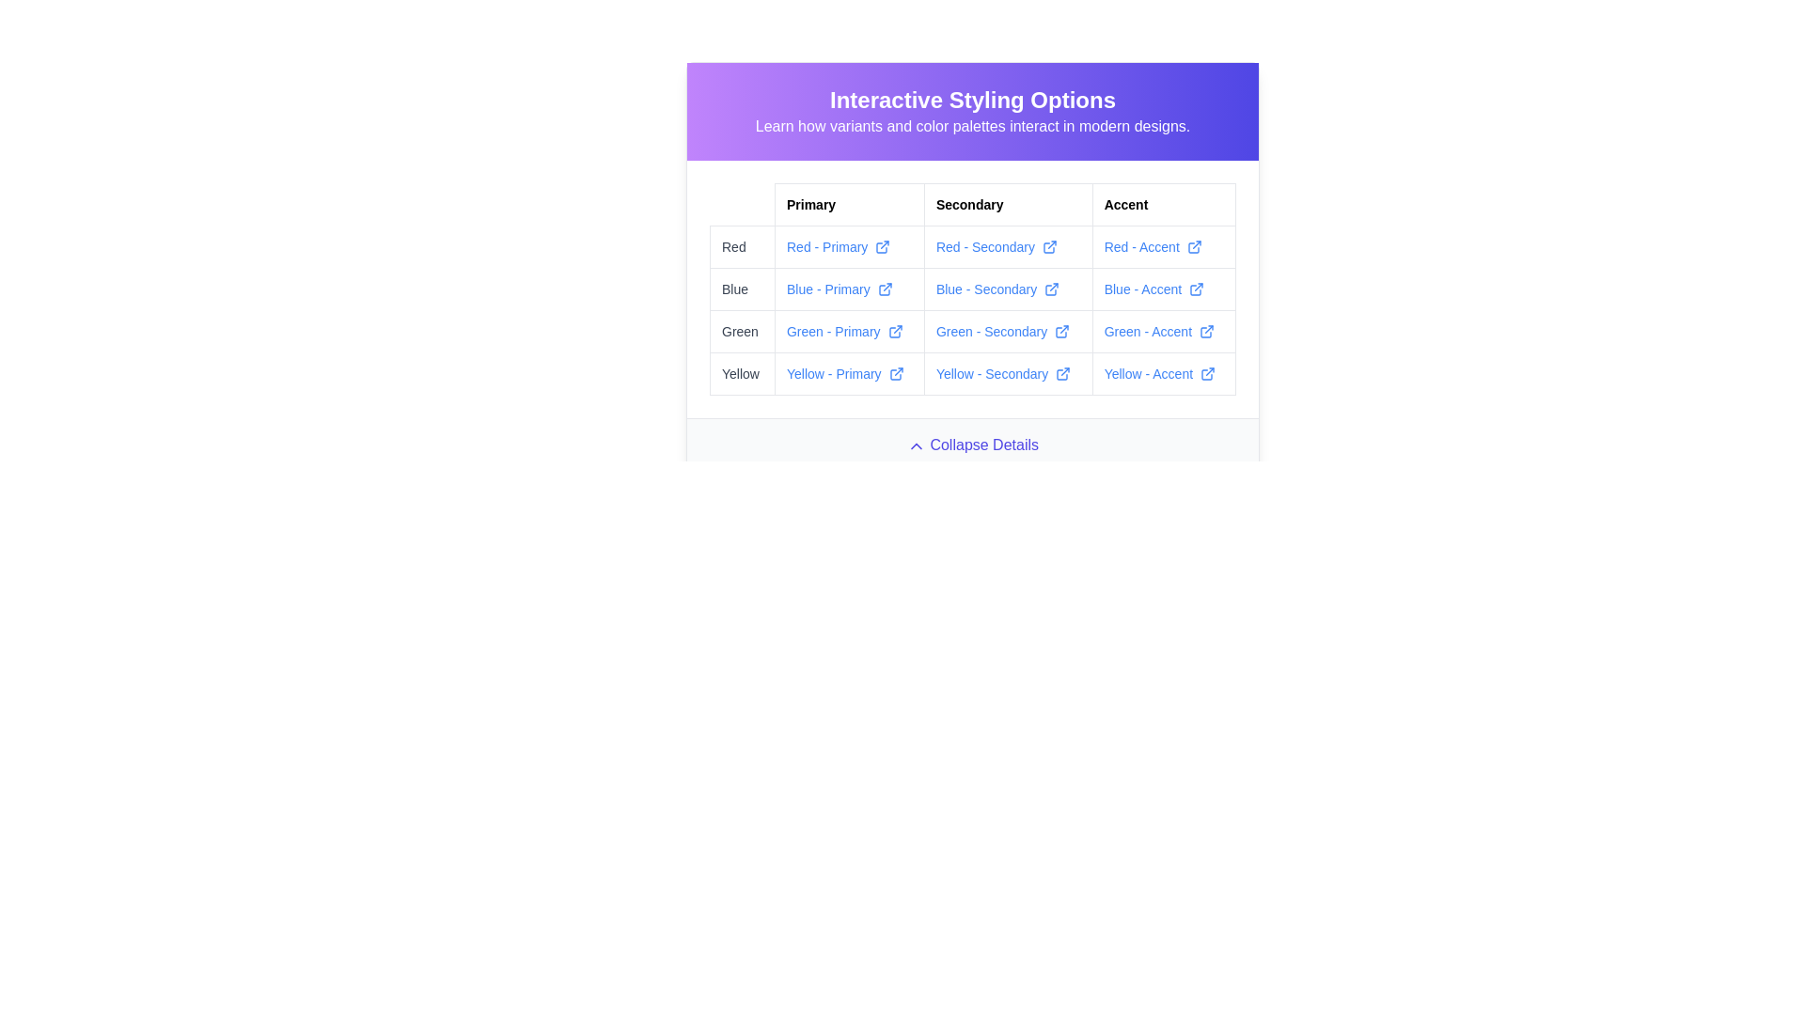  Describe the element at coordinates (997, 289) in the screenshot. I see `the hyperlink text 'Blue - Secondary' located in the 'Secondary' column and 'Blue' row of the table` at that location.